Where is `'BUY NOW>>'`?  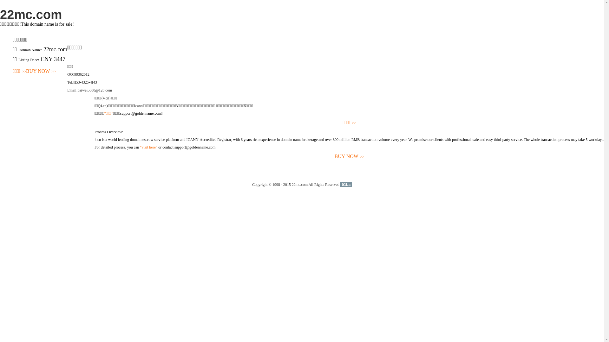
'BUY NOW>>' is located at coordinates (41, 71).